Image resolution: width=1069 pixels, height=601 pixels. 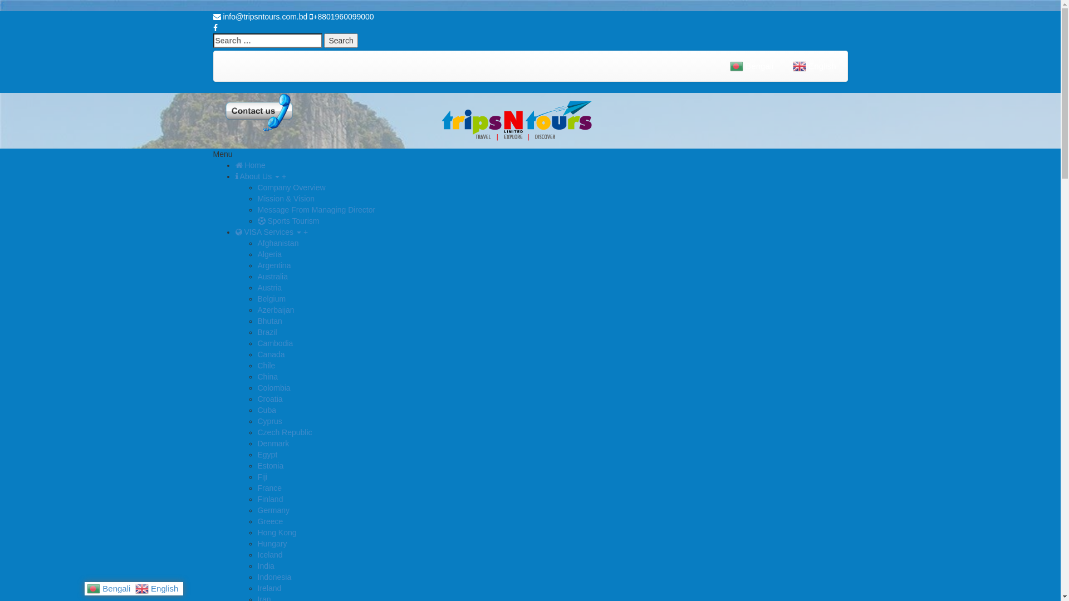 I want to click on 'France', so click(x=269, y=487).